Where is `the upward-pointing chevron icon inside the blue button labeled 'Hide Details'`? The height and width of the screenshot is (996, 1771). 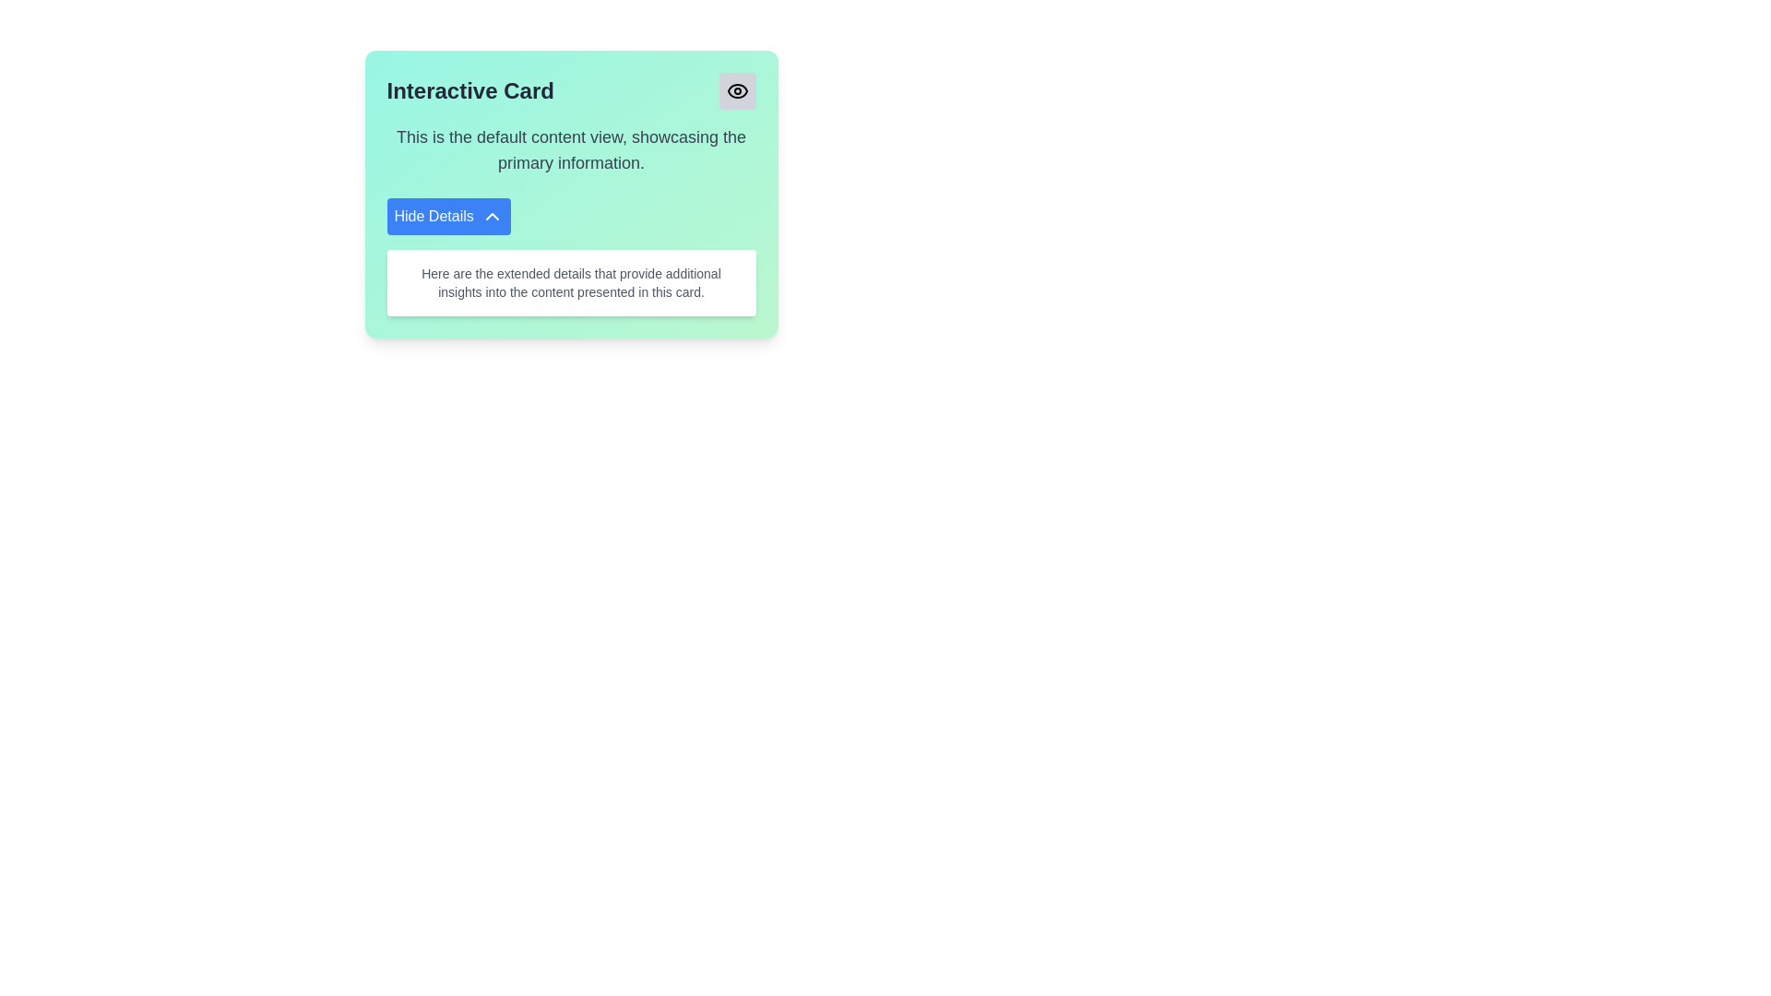 the upward-pointing chevron icon inside the blue button labeled 'Hide Details' is located at coordinates (492, 216).